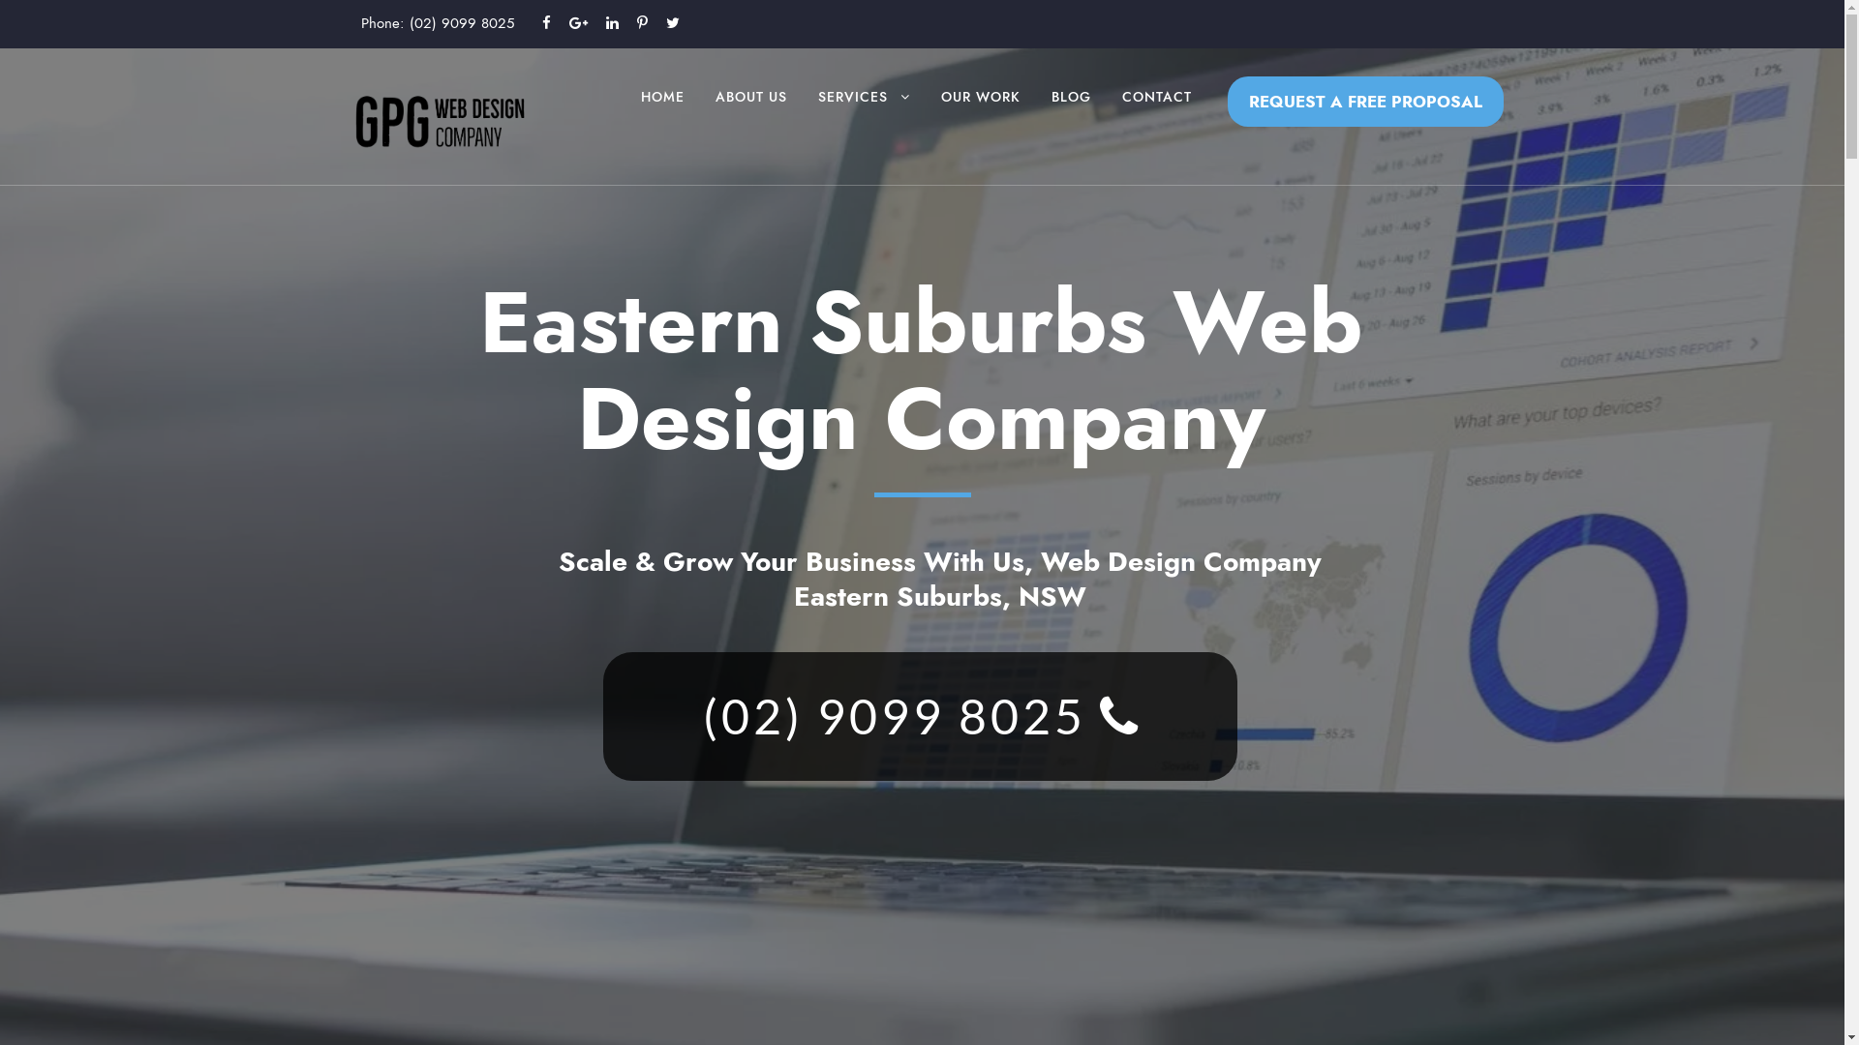  I want to click on 'CONTACT', so click(1156, 115).